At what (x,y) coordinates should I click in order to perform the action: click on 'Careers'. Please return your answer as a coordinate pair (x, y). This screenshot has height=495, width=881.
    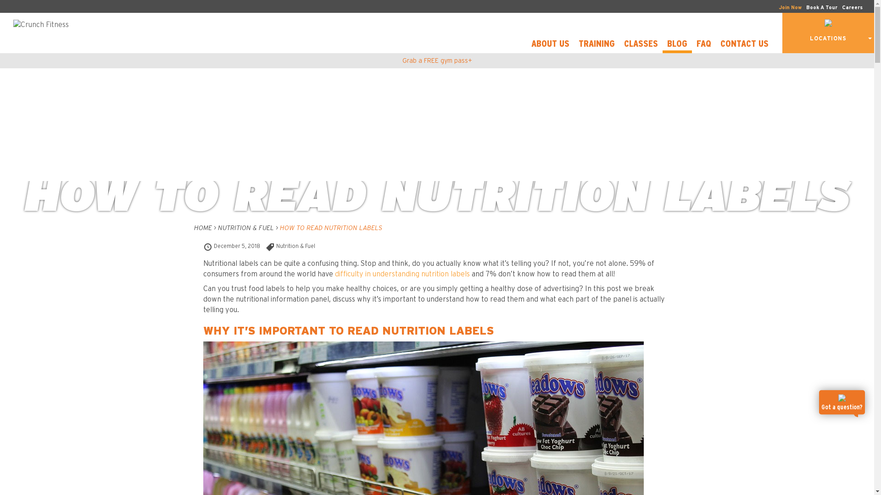
    Looking at the image, I should click on (852, 7).